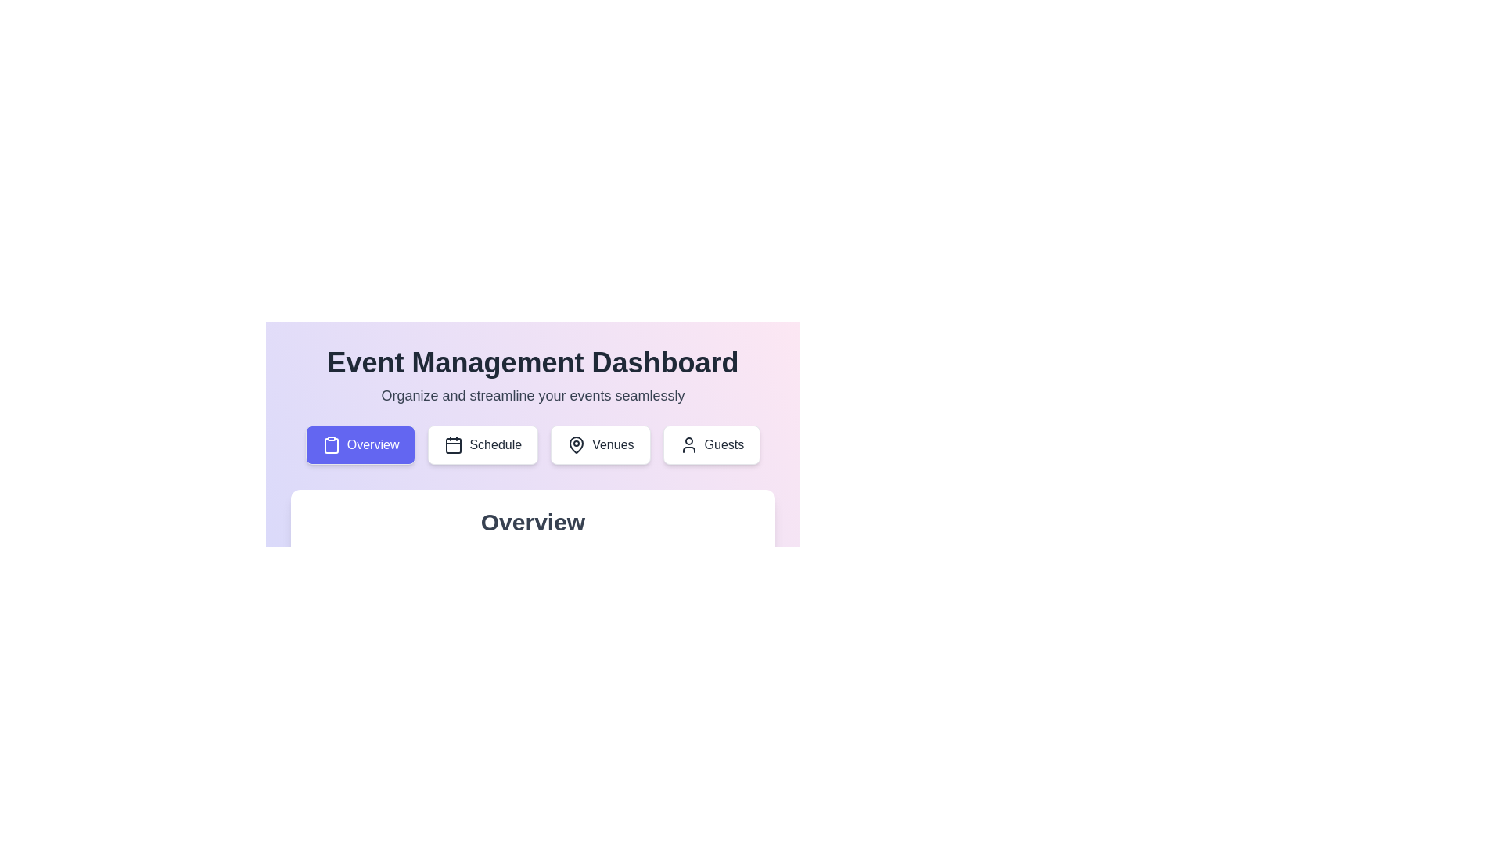 The width and height of the screenshot is (1502, 845). What do you see at coordinates (600, 445) in the screenshot?
I see `the tab labeled Venues to view its content` at bounding box center [600, 445].